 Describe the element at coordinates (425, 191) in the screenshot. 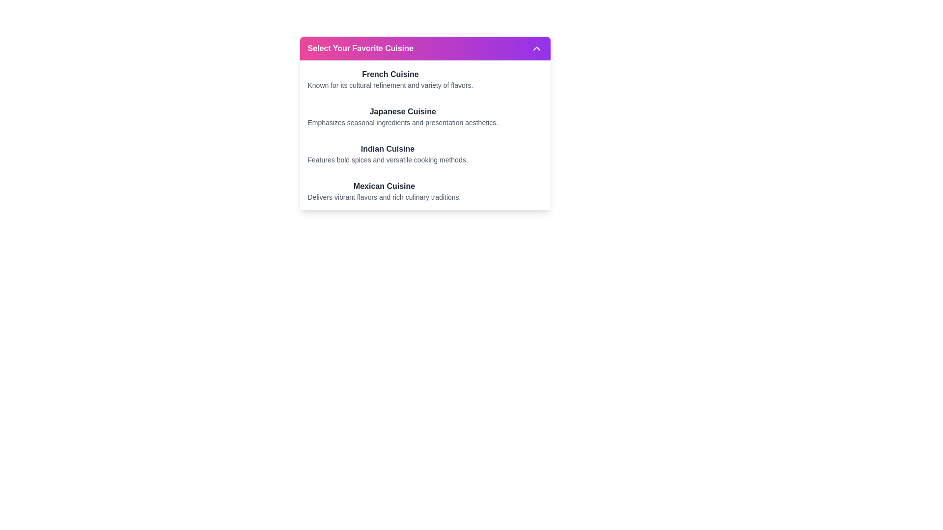

I see `description of the Text block displaying information about Mexican Cuisine, which is the last item in a list of cuisines positioned under 'Indian Cuisine'` at that location.